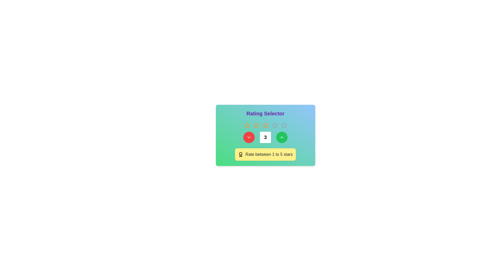 Image resolution: width=497 pixels, height=280 pixels. Describe the element at coordinates (265, 135) in the screenshot. I see `the Rating Selector Component, which features a gradient background, bold purple title, five stars for rating, a numeric value '3' in a white square, and adjacent up/down buttons` at that location.